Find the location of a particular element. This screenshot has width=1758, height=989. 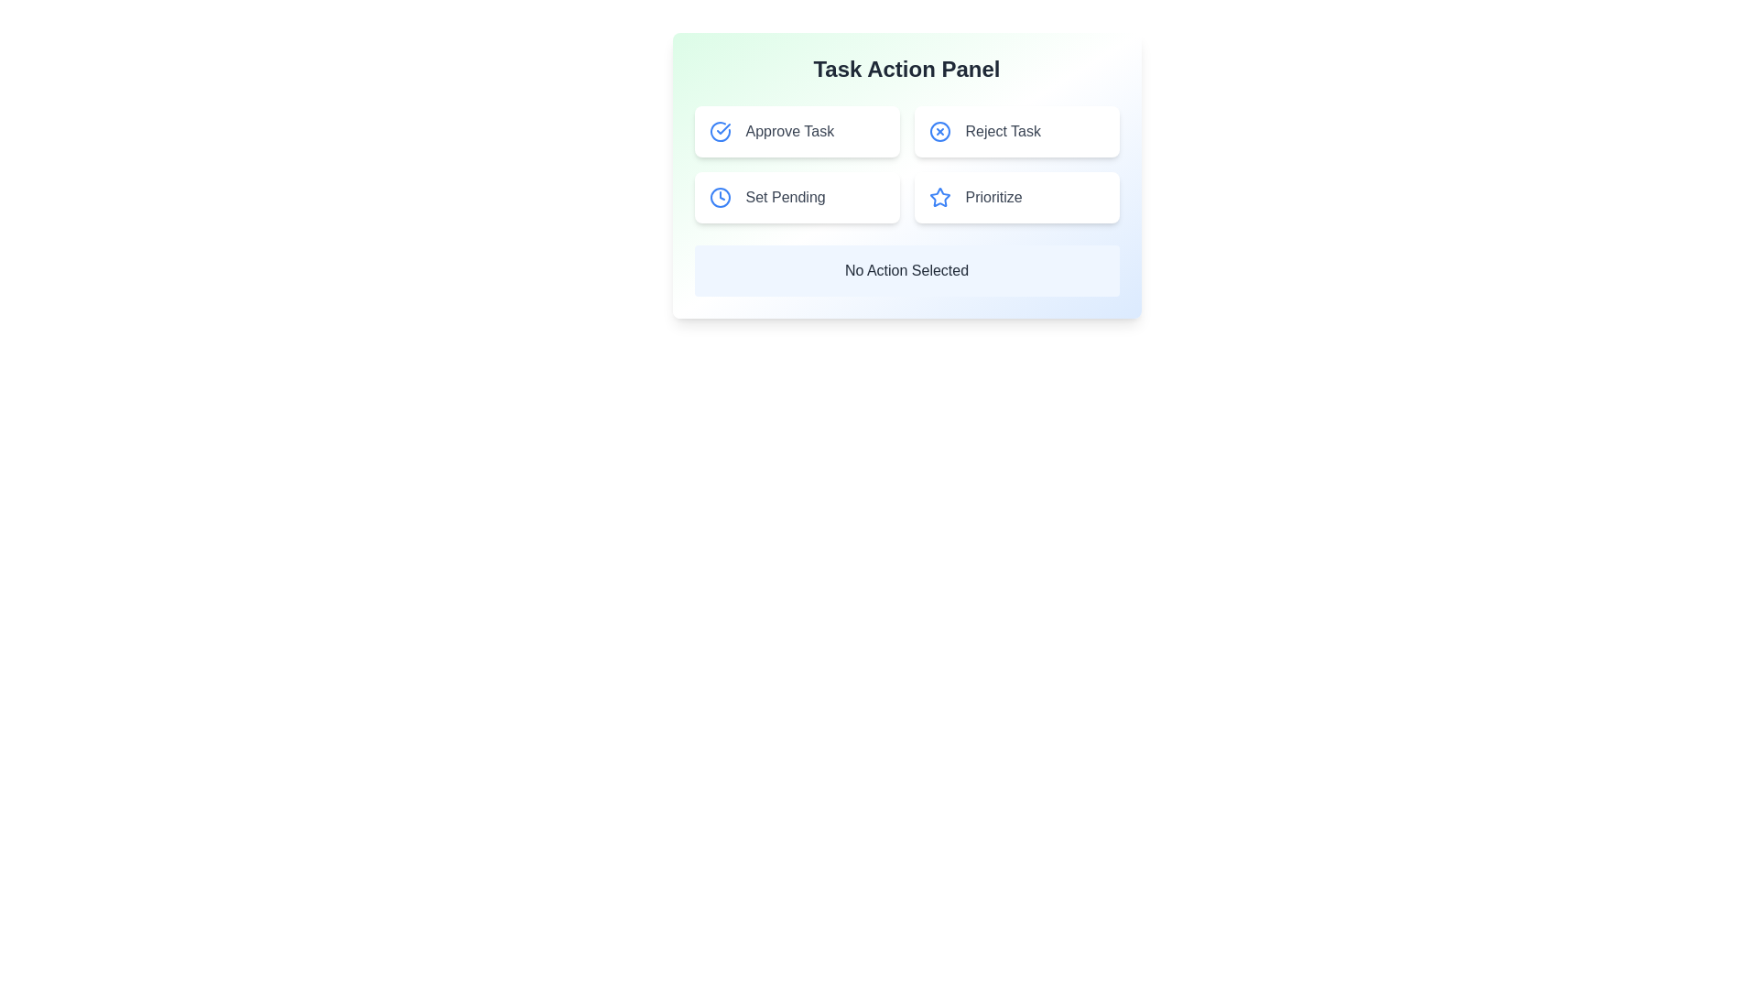

the section header text label located at the top of the card layout, which provides context for the surrounding buttons such as 'Approve Task', 'Reject Task', 'Set Pending', and 'Prioritize' is located at coordinates (906, 69).